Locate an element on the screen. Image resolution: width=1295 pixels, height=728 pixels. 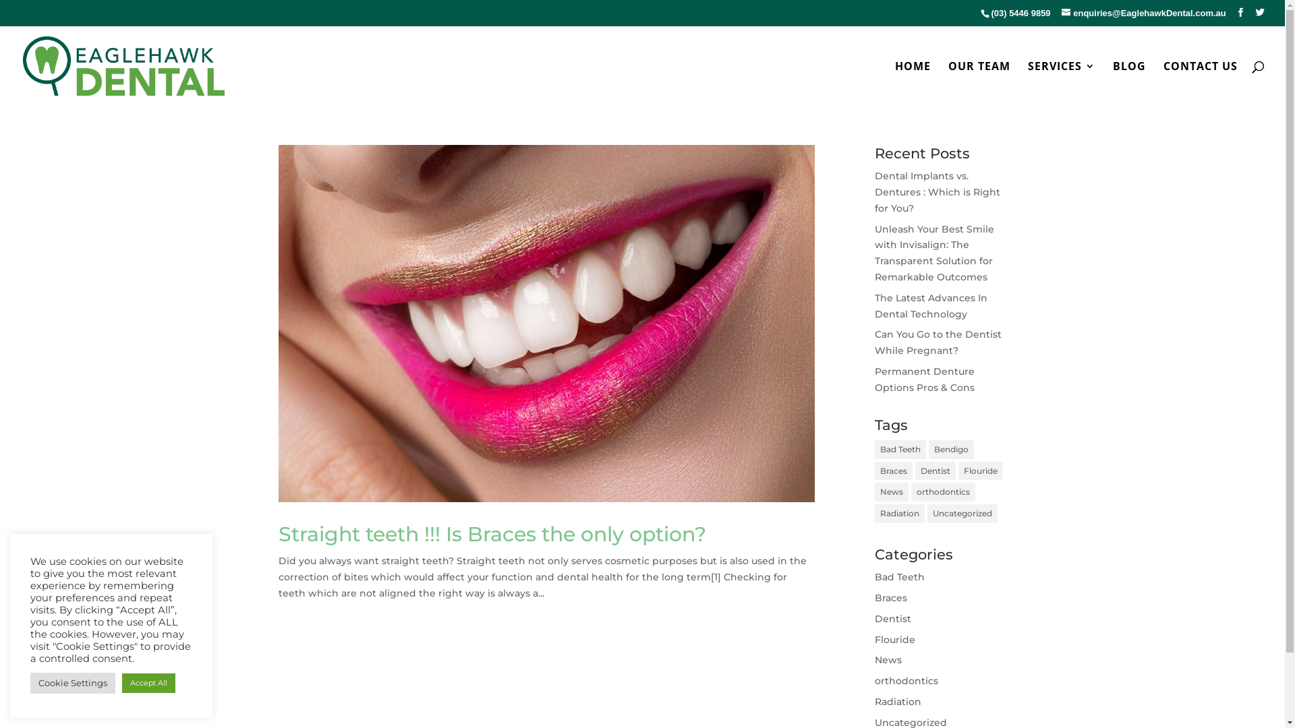
'Accept All' is located at coordinates (148, 683).